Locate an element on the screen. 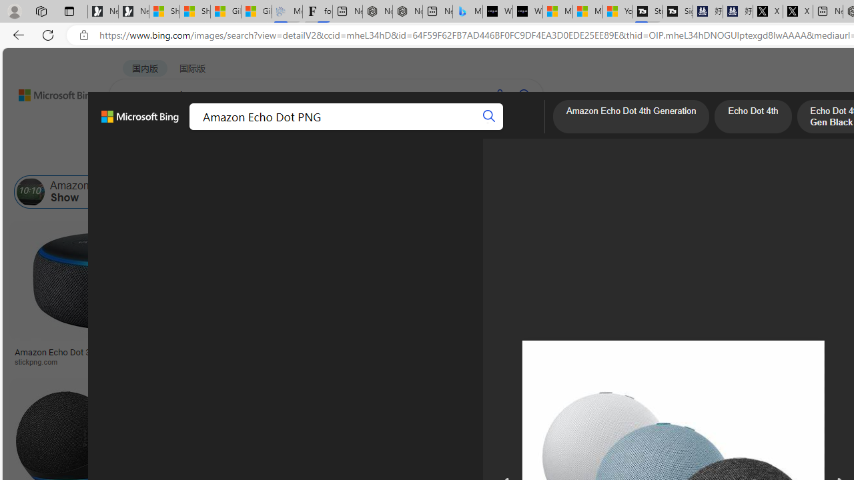 The image size is (854, 480). 'VIDEOS' is located at coordinates (305, 130).